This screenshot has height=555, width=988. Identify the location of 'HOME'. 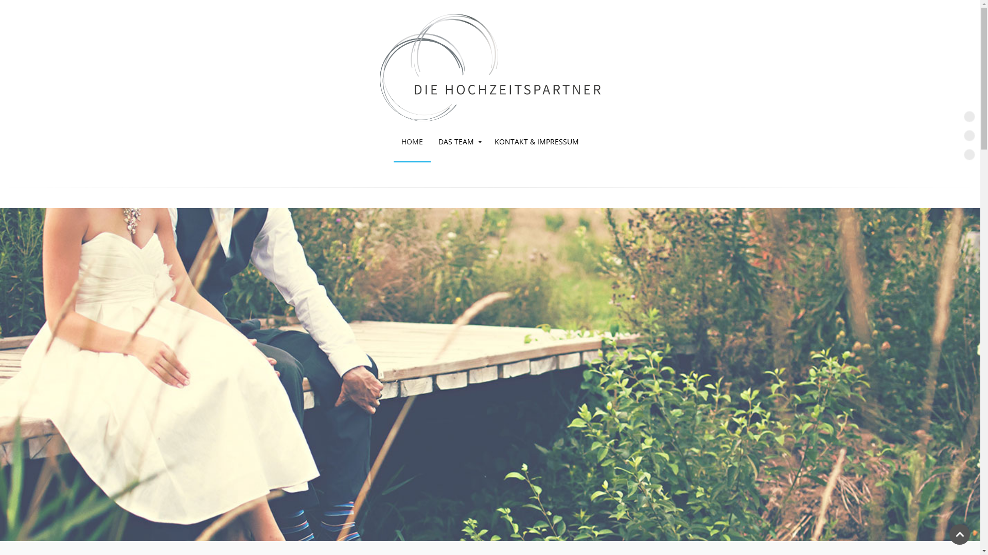
(412, 142).